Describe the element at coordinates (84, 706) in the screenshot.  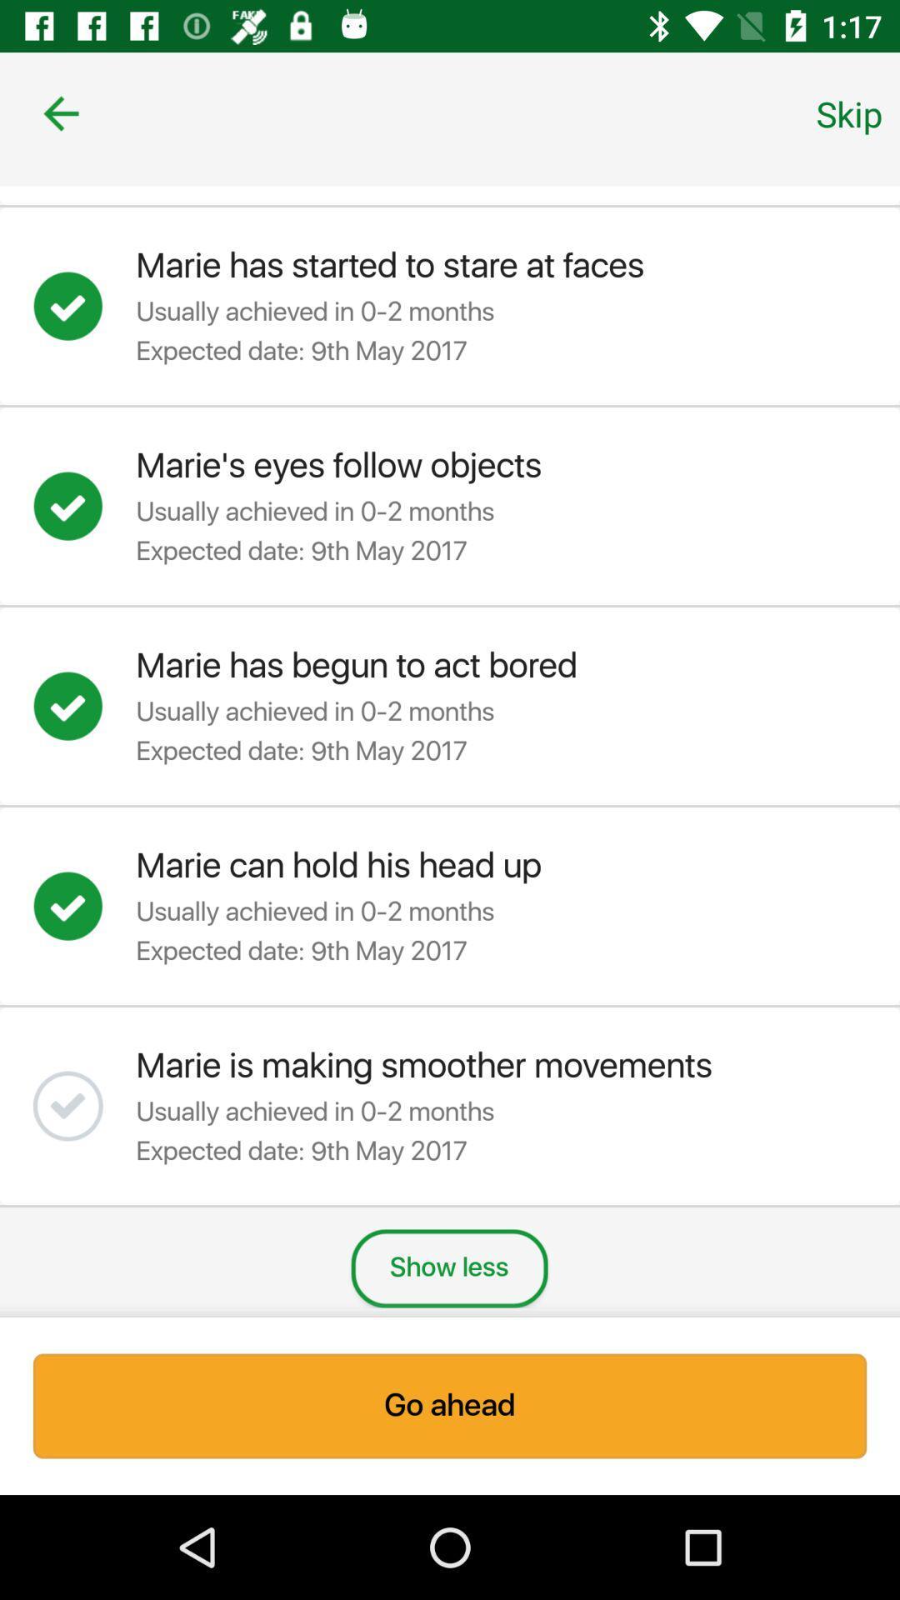
I see `selects a particular function` at that location.